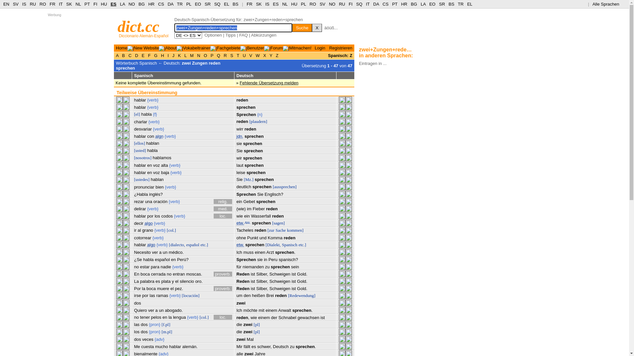 The height and width of the screenshot is (356, 634). Describe the element at coordinates (151, 310) in the screenshot. I see `'ver'` at that location.